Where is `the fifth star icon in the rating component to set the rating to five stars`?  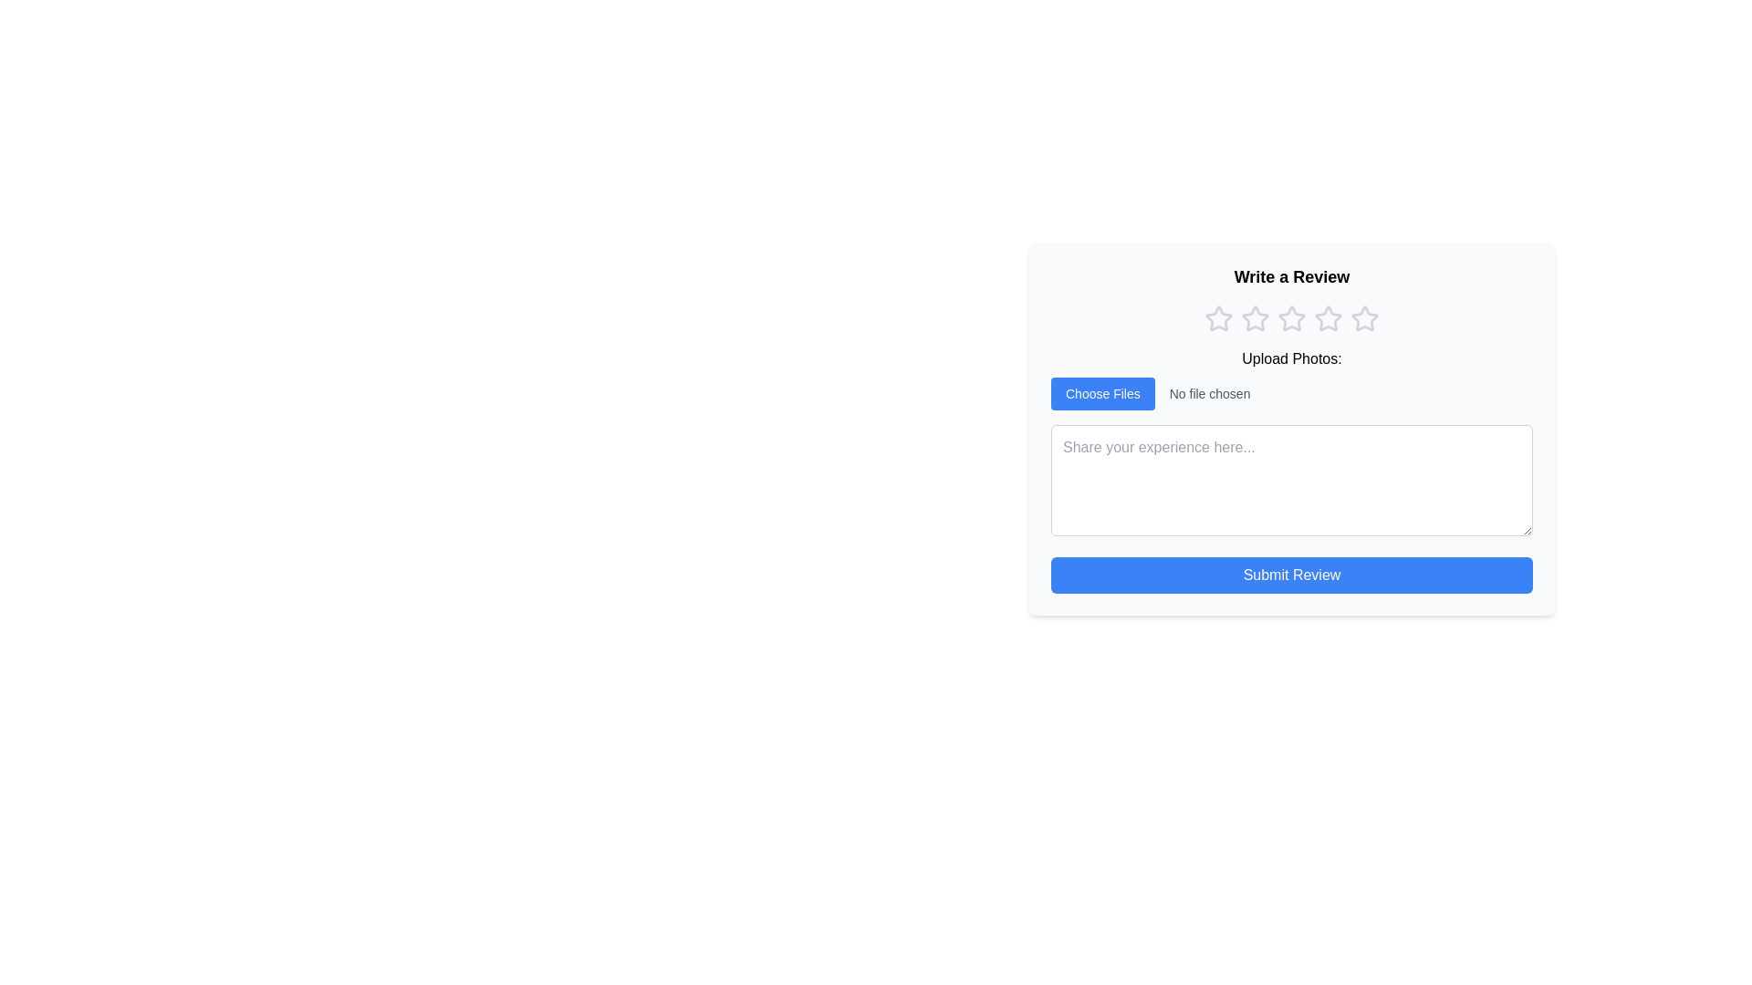
the fifth star icon in the rating component to set the rating to five stars is located at coordinates (1363, 316).